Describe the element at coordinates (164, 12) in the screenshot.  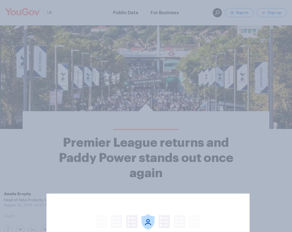
I see `'For Business'` at that location.